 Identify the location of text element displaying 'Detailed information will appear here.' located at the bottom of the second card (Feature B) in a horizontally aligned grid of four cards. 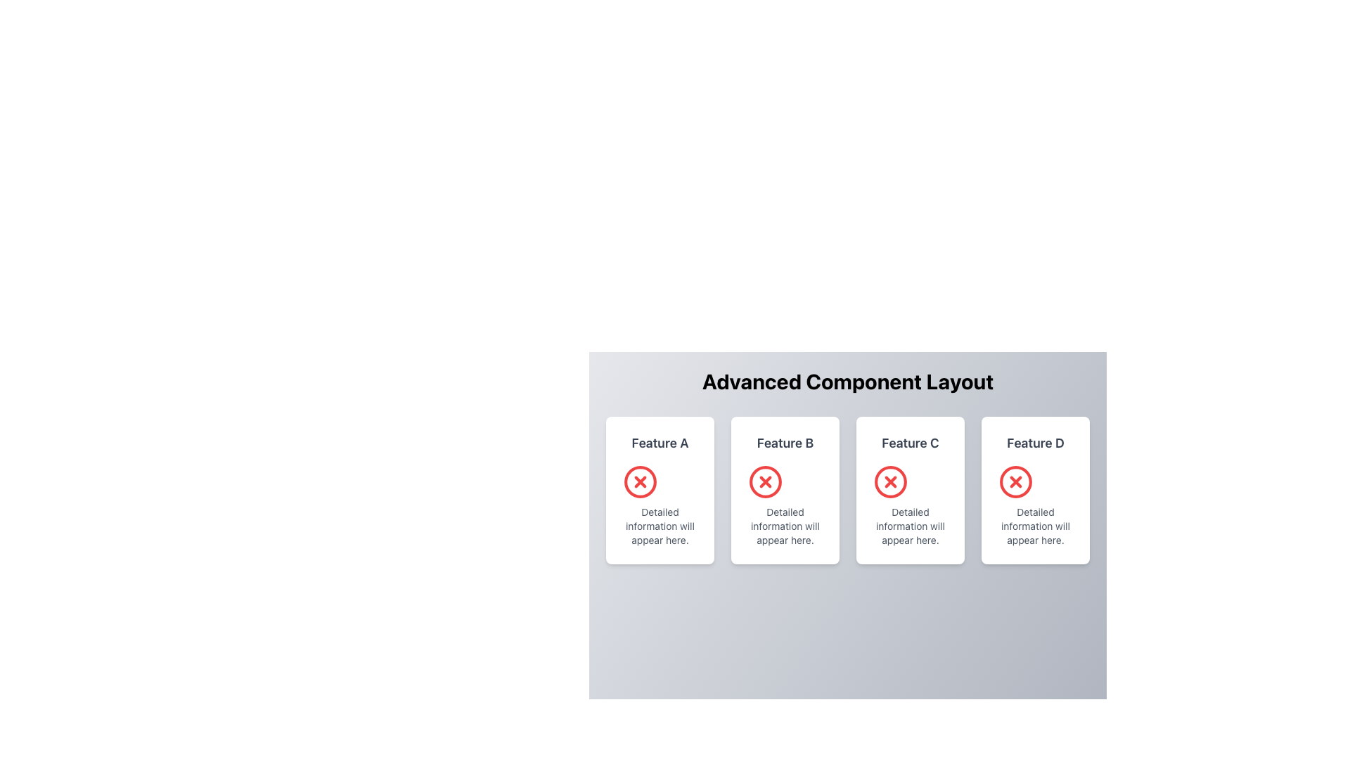
(785, 526).